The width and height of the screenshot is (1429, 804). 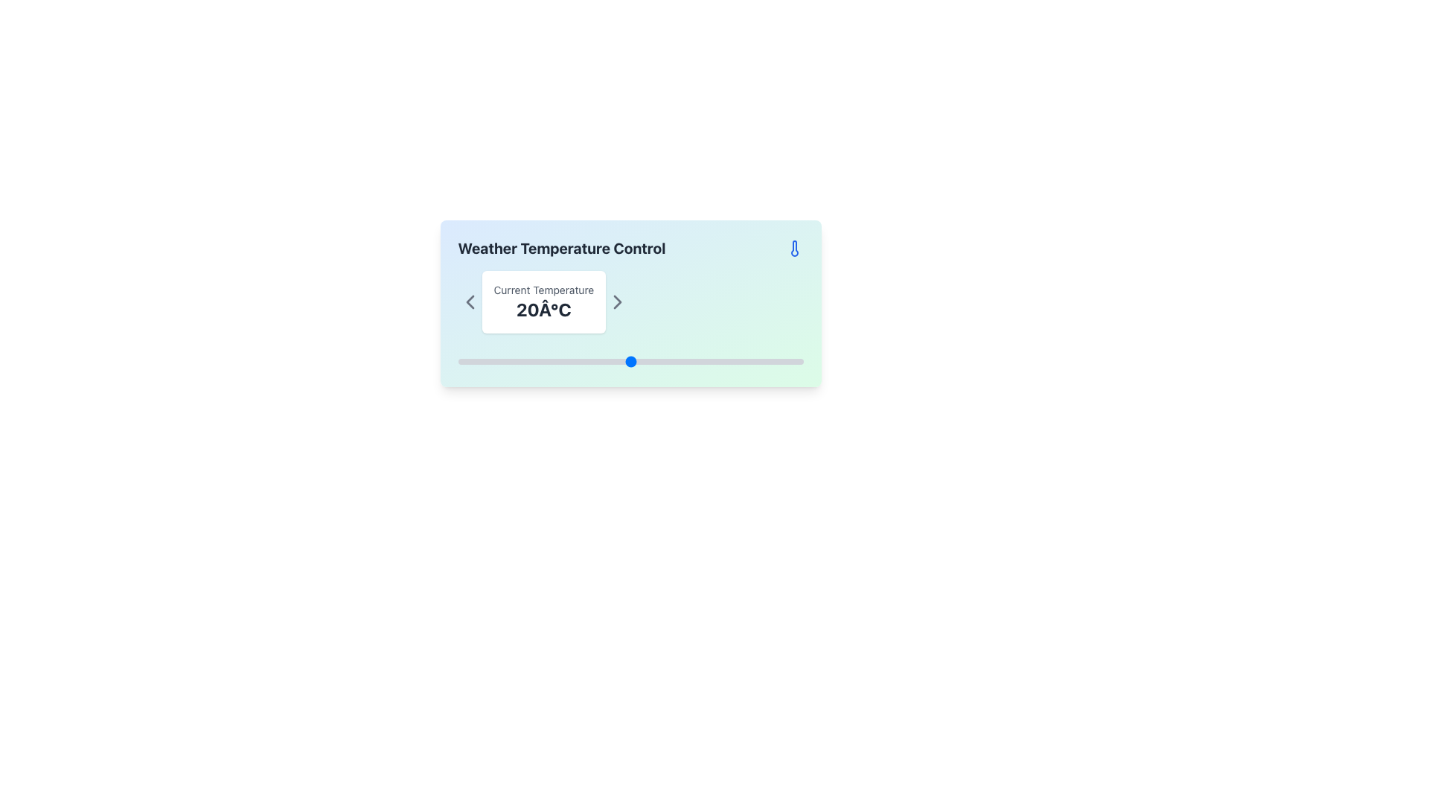 What do you see at coordinates (543, 290) in the screenshot?
I see `the text label displaying 'Current Temperature', which is gray and positioned above the temperature value '20°C'` at bounding box center [543, 290].